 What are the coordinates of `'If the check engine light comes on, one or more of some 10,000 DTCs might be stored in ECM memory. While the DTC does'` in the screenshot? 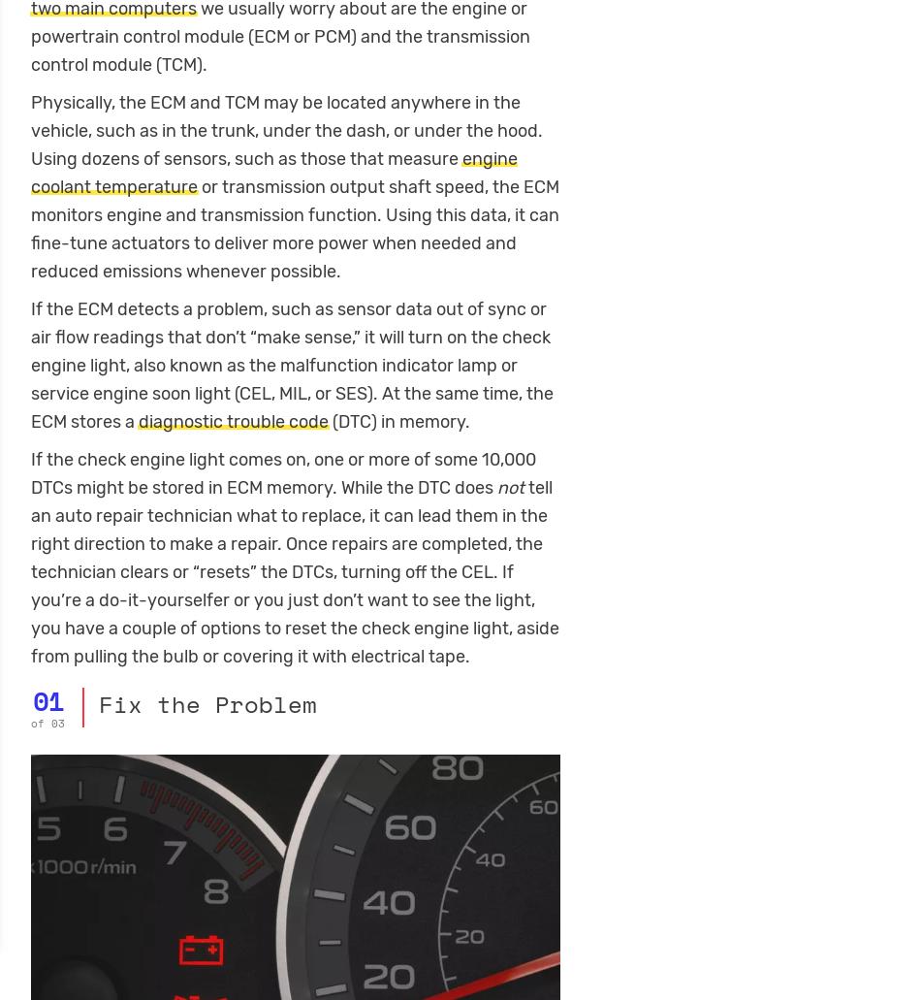 It's located at (282, 473).